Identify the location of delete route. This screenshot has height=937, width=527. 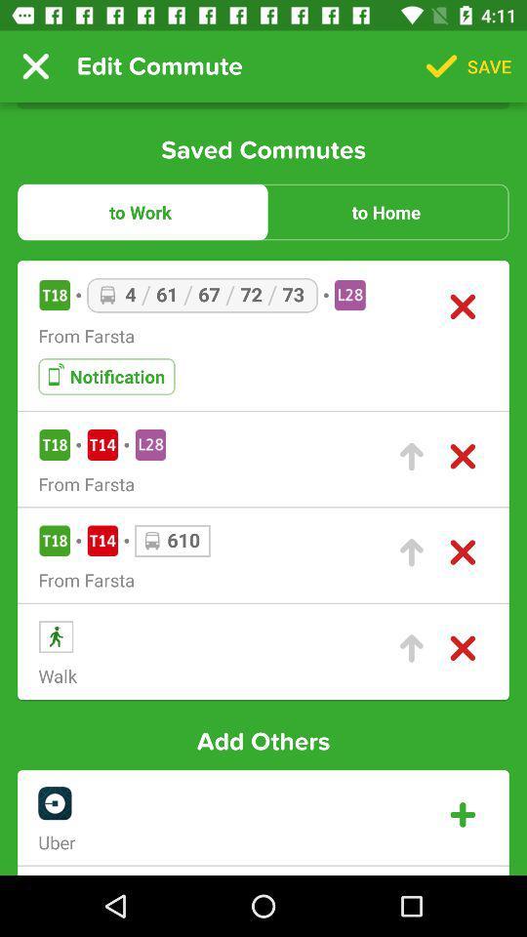
(462, 306).